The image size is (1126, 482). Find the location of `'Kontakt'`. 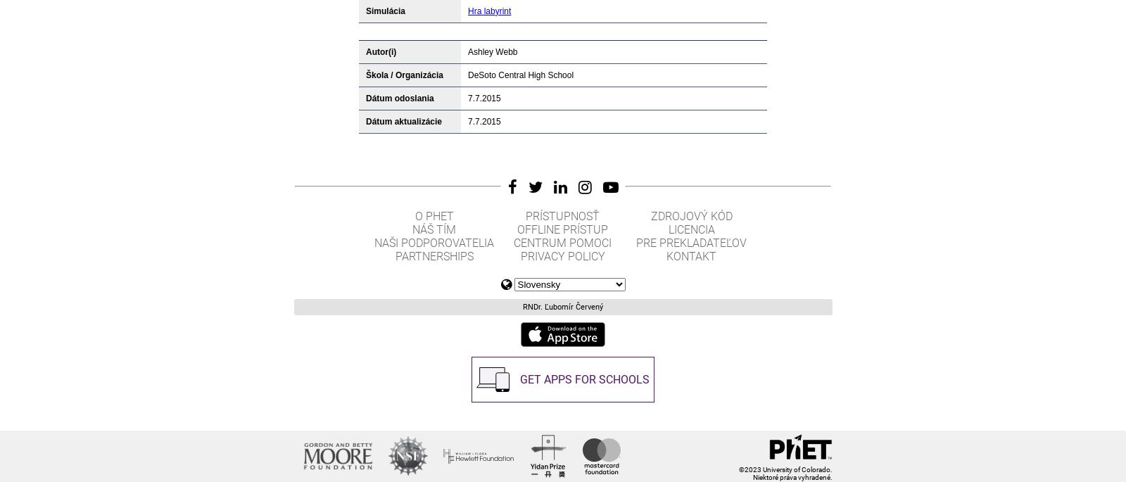

'Kontakt' is located at coordinates (690, 255).